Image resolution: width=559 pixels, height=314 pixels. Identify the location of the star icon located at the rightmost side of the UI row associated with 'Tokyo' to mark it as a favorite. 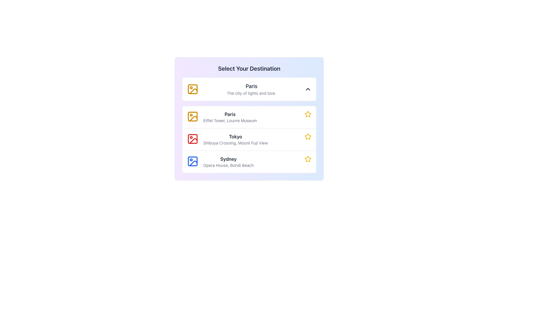
(307, 137).